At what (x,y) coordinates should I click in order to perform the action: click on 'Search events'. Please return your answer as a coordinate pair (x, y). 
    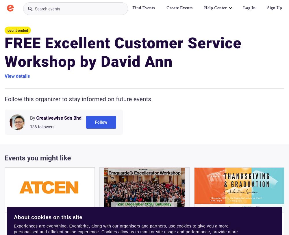
    Looking at the image, I should click on (47, 8).